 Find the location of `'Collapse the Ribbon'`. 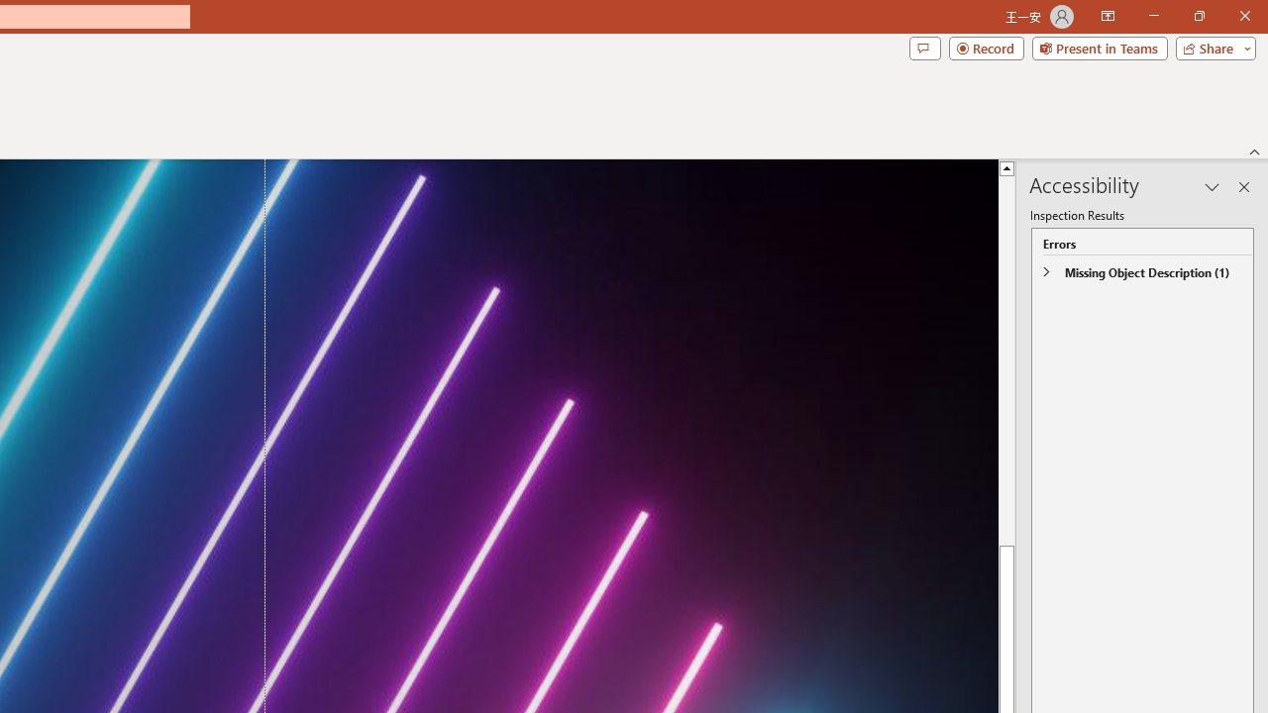

'Collapse the Ribbon' is located at coordinates (1254, 151).